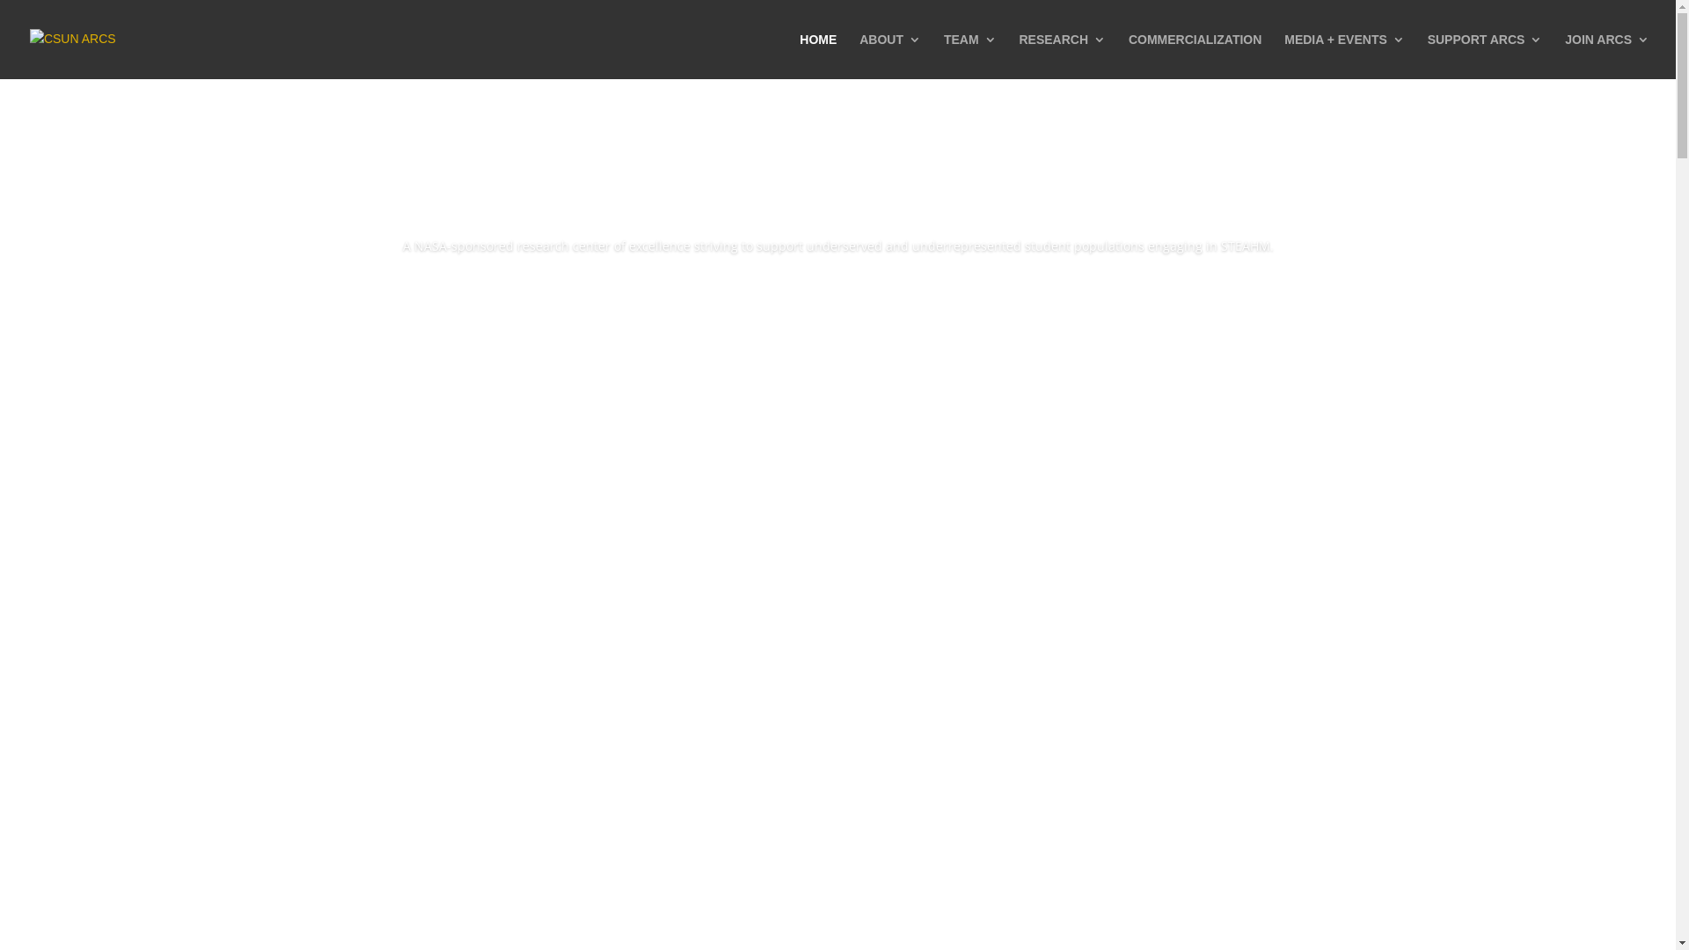 The height and width of the screenshot is (950, 1689). I want to click on 'ABOUT', so click(890, 55).